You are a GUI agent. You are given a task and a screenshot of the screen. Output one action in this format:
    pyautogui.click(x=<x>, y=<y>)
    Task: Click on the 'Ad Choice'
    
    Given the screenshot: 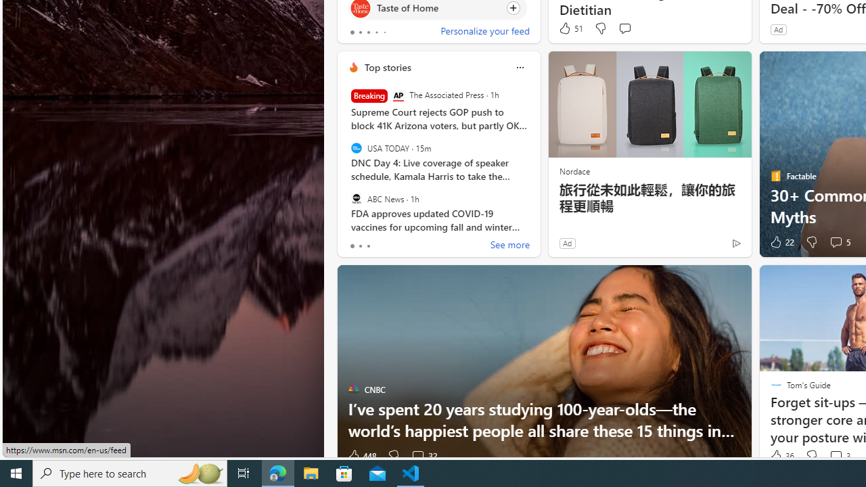 What is the action you would take?
    pyautogui.click(x=735, y=242)
    